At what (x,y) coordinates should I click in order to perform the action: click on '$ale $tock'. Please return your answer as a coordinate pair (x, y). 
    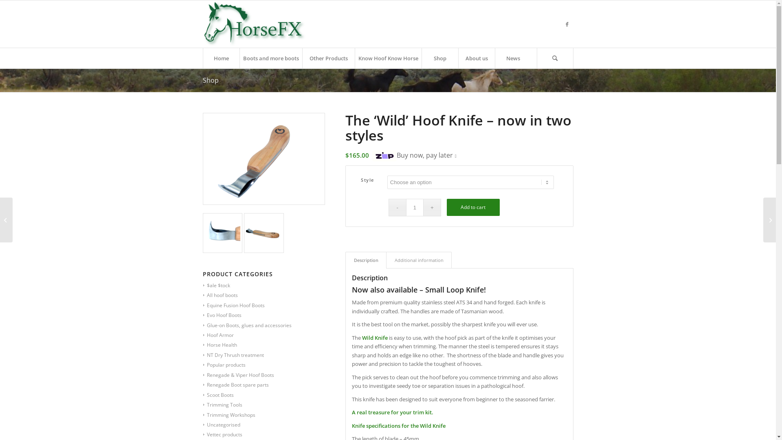
    Looking at the image, I should click on (216, 285).